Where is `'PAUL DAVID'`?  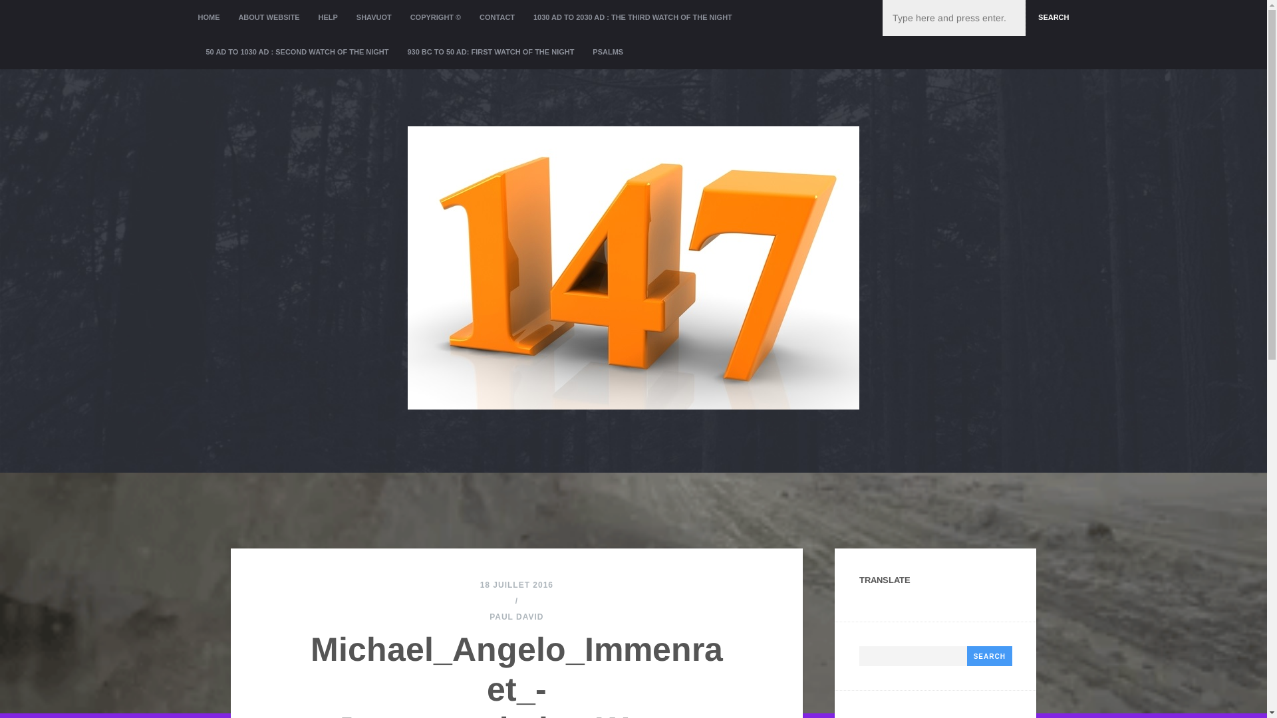 'PAUL DAVID' is located at coordinates (515, 617).